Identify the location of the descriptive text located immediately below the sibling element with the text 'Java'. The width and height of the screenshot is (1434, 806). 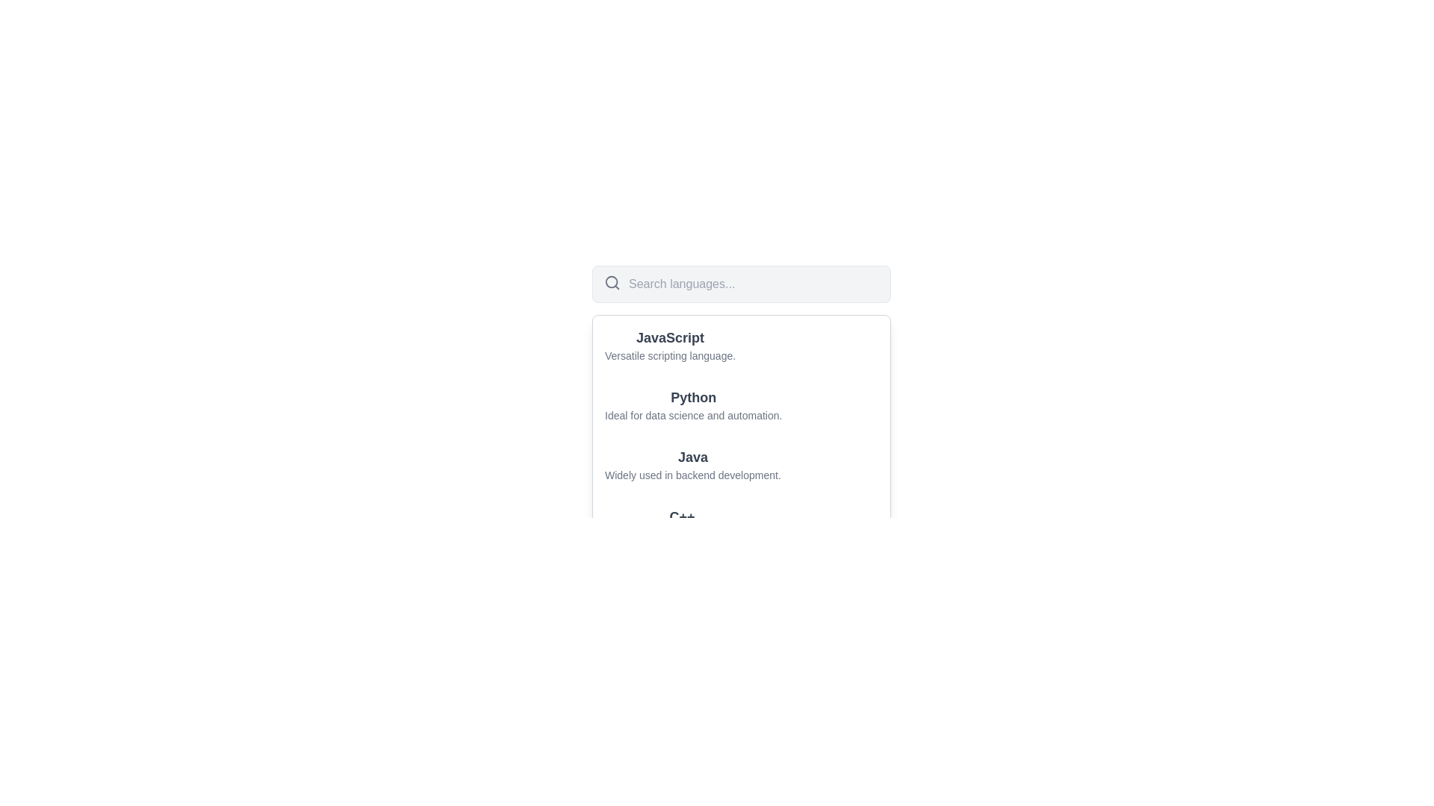
(692, 475).